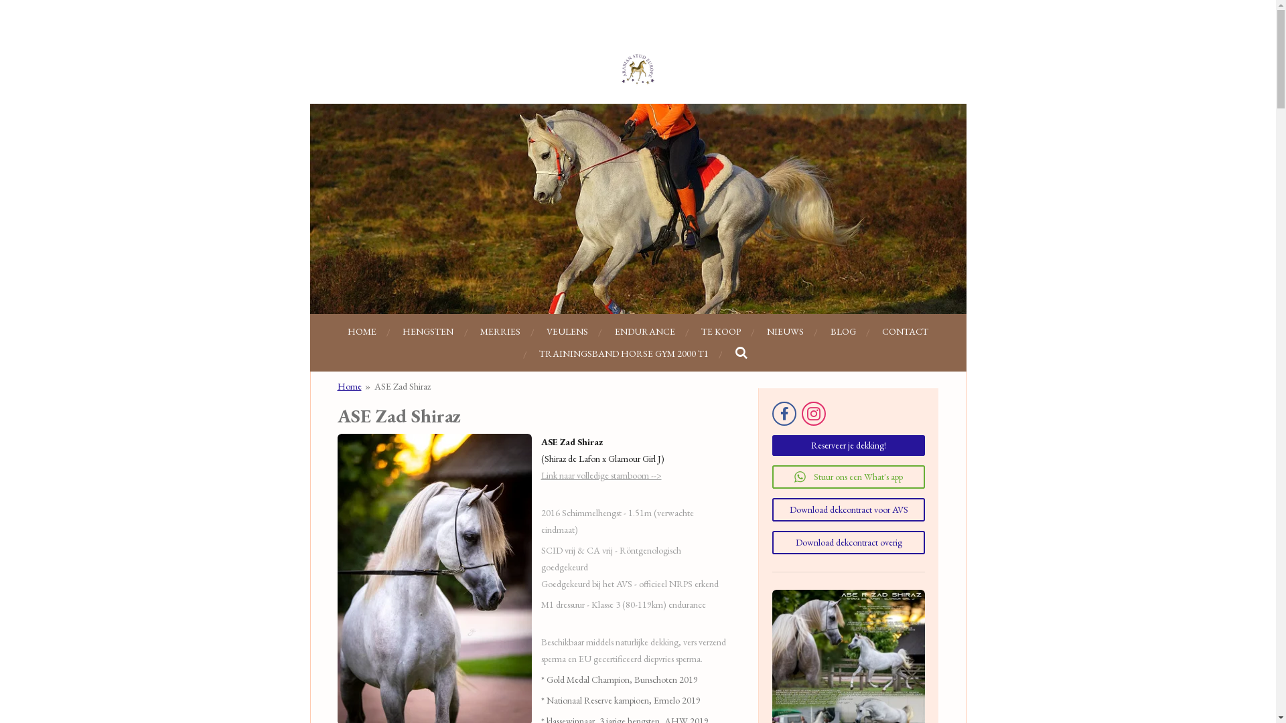  What do you see at coordinates (741, 353) in the screenshot?
I see `'Zoeken'` at bounding box center [741, 353].